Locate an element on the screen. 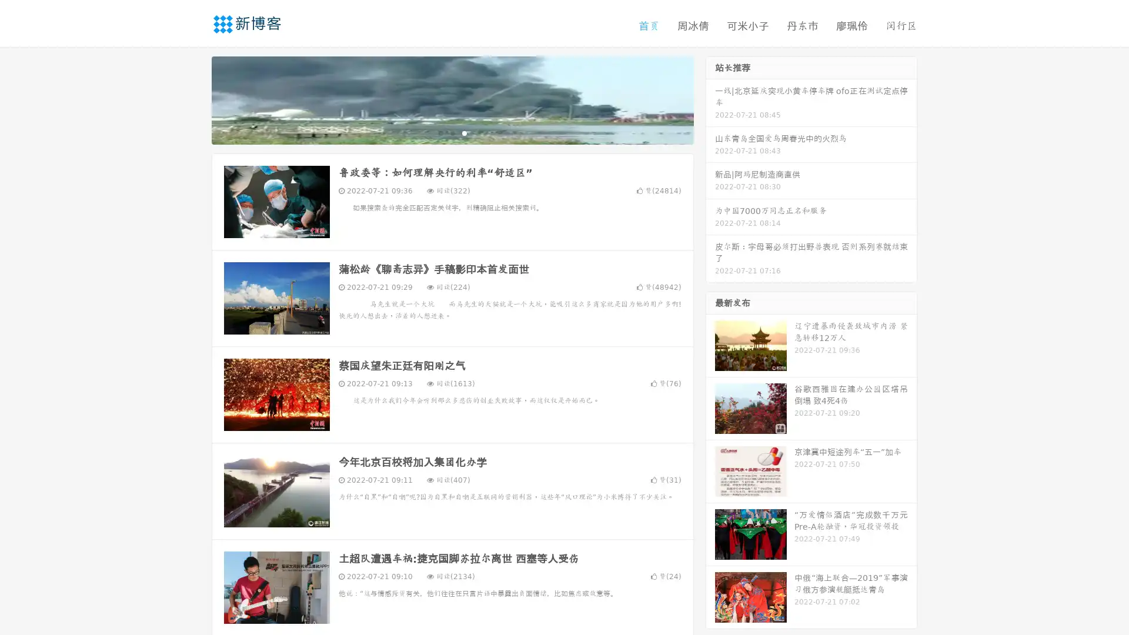 Image resolution: width=1129 pixels, height=635 pixels. Next slide is located at coordinates (710, 99).